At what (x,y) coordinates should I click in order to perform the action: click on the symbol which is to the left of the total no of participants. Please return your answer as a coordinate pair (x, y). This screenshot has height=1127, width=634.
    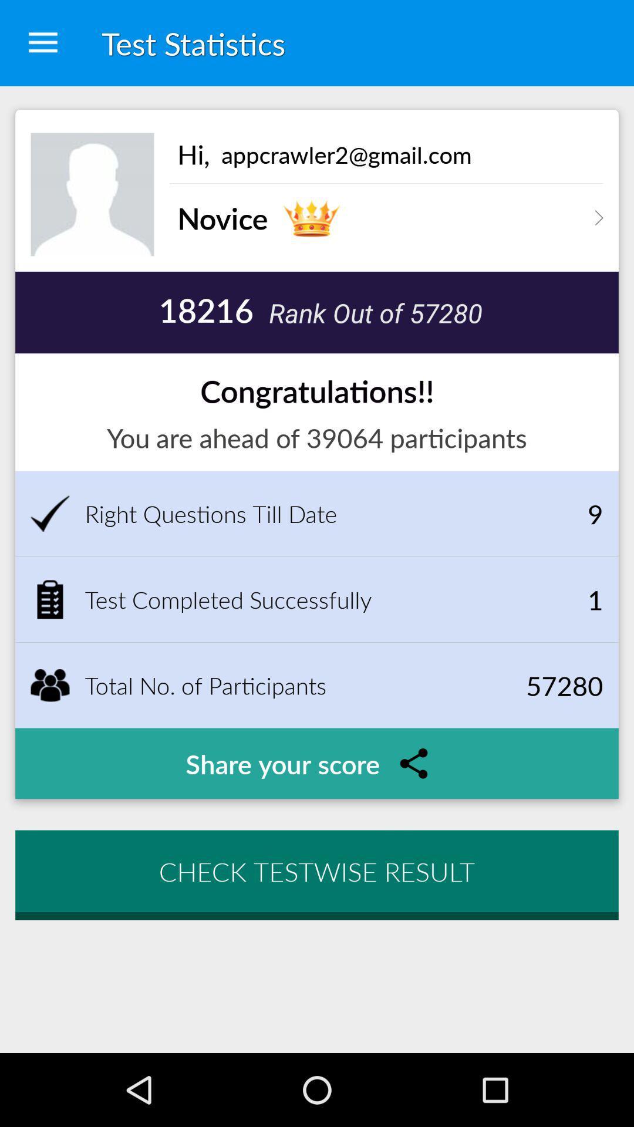
    Looking at the image, I should click on (49, 685).